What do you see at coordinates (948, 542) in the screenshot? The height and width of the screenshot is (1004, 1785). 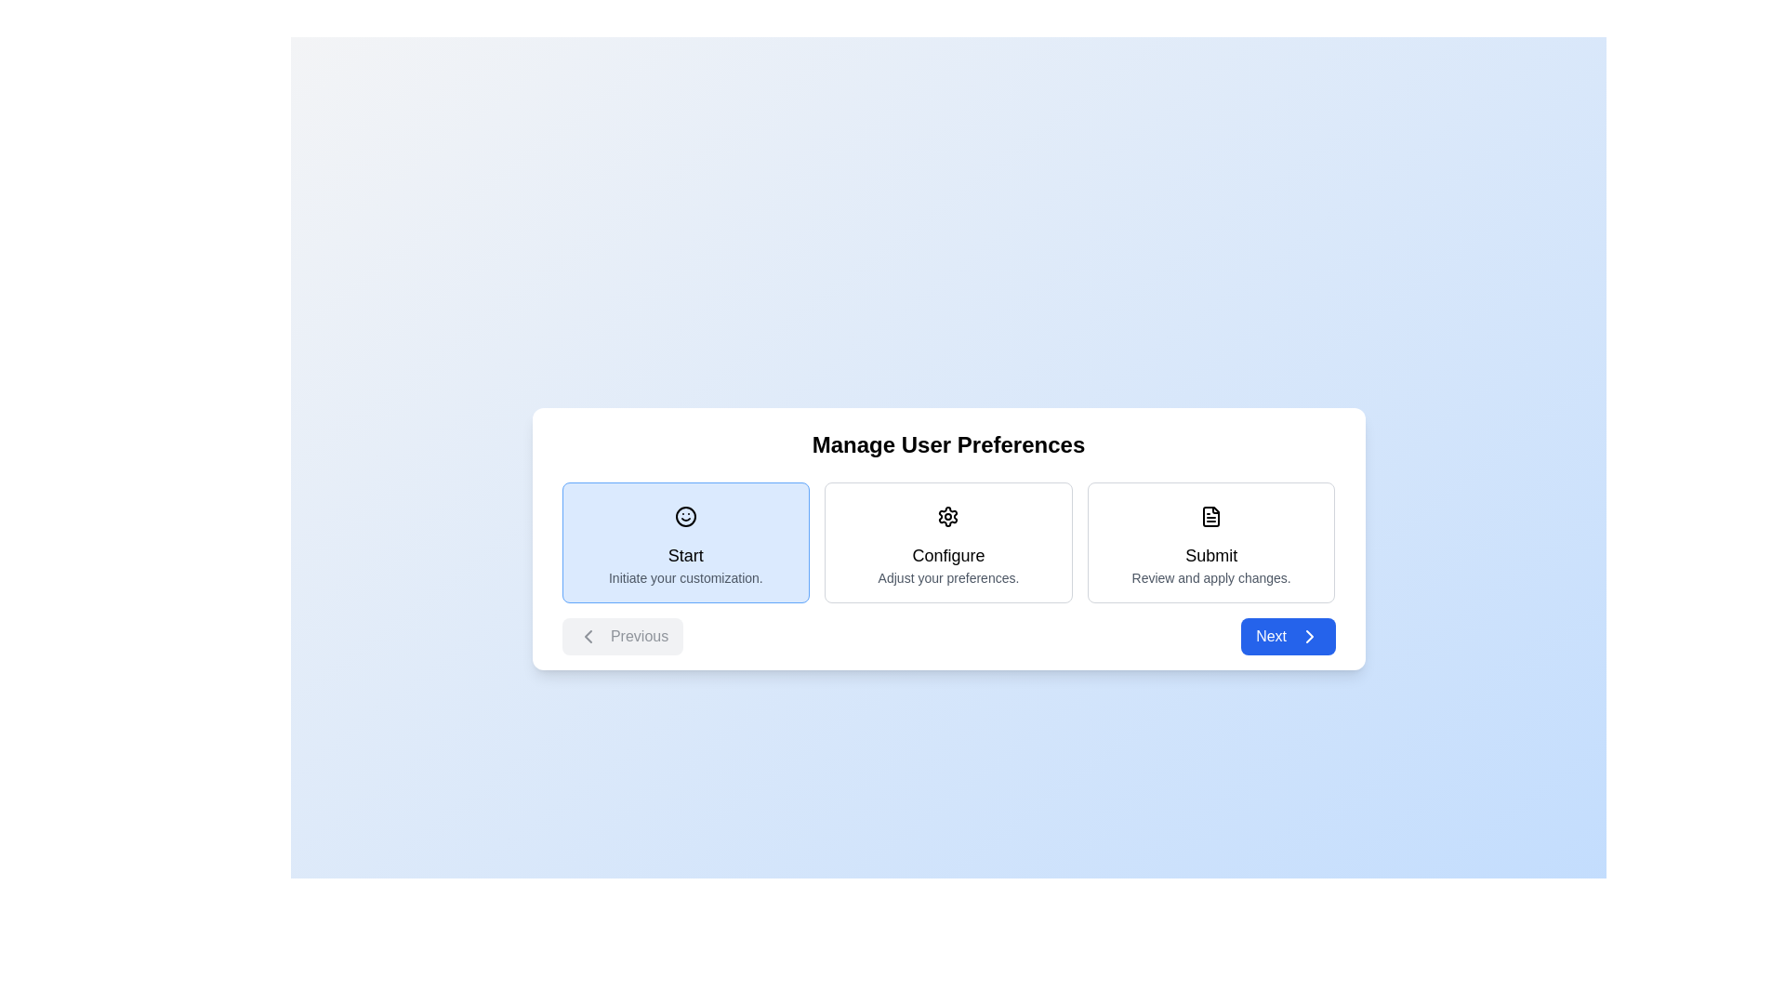 I see `the step Configure by clicking on its card` at bounding box center [948, 542].